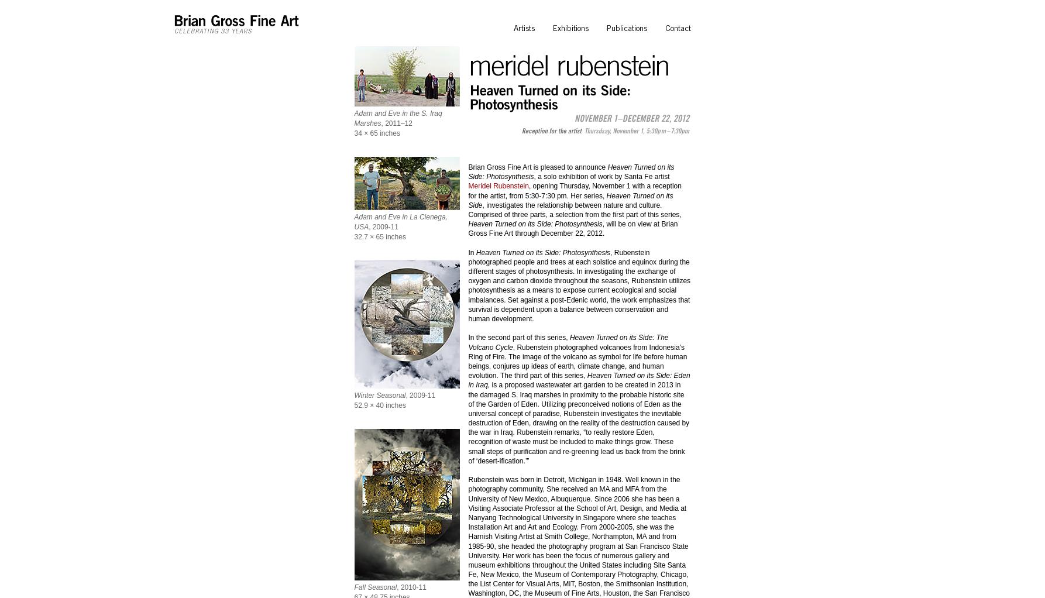 The height and width of the screenshot is (598, 1045). What do you see at coordinates (677, 28) in the screenshot?
I see `'Contact'` at bounding box center [677, 28].